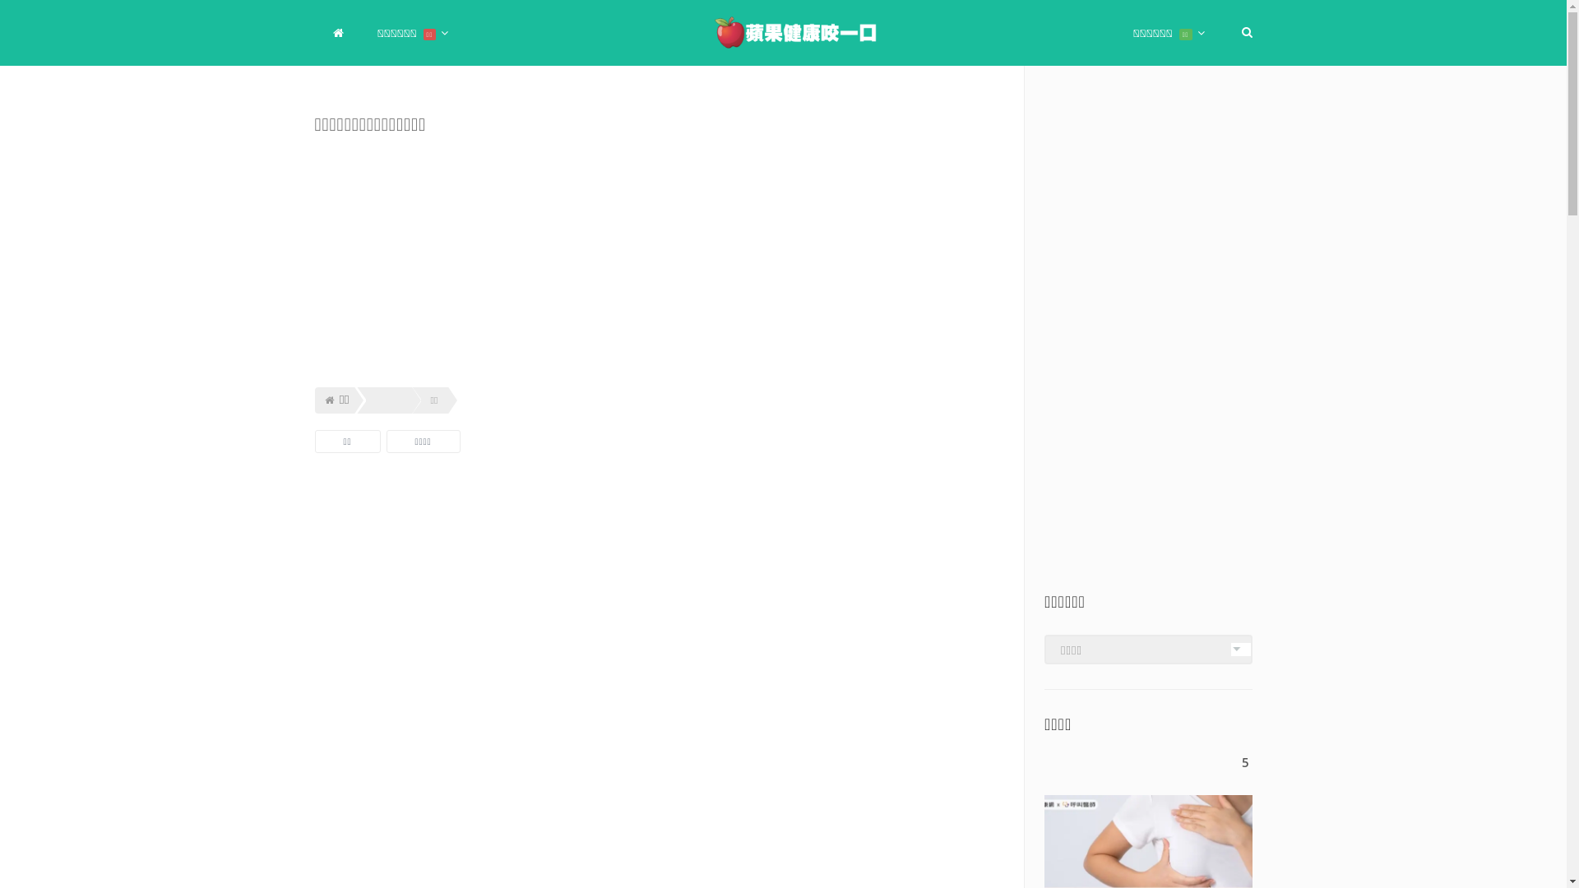 This screenshot has height=888, width=1579. What do you see at coordinates (659, 259) in the screenshot?
I see `'Advertisement'` at bounding box center [659, 259].